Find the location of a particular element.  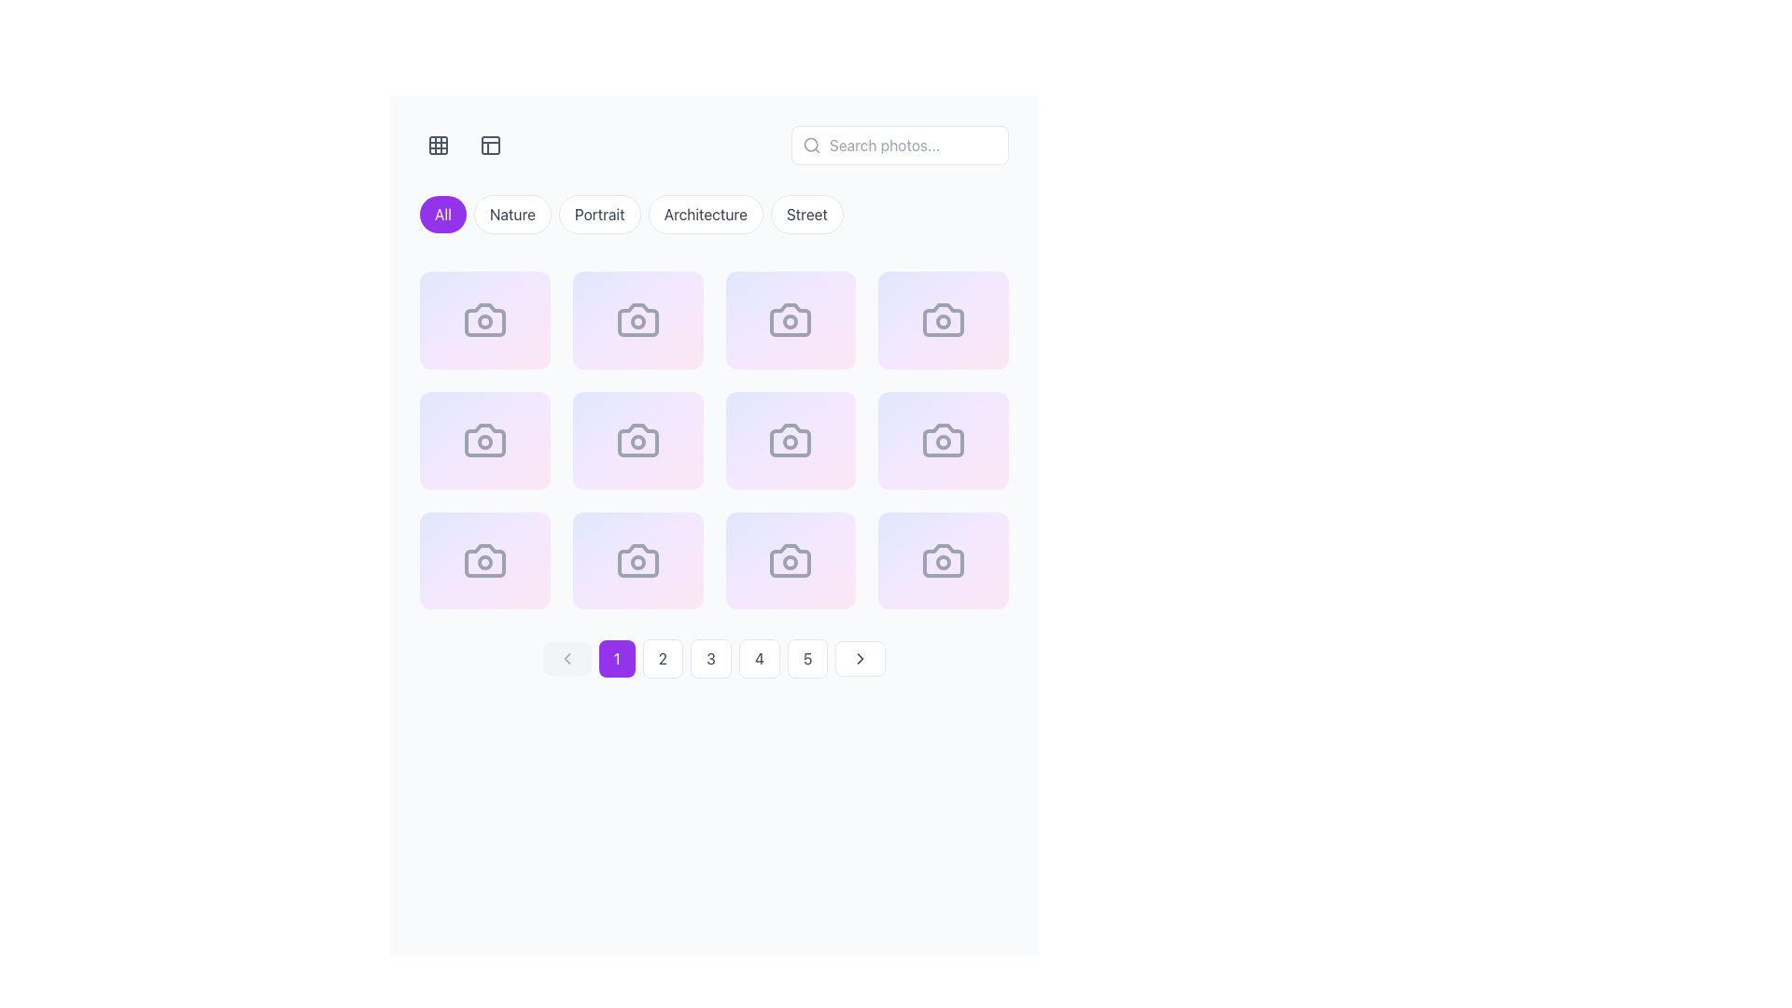

the sixth interactive card in the gallery, located in the second row and fourth column is located at coordinates (637, 441).